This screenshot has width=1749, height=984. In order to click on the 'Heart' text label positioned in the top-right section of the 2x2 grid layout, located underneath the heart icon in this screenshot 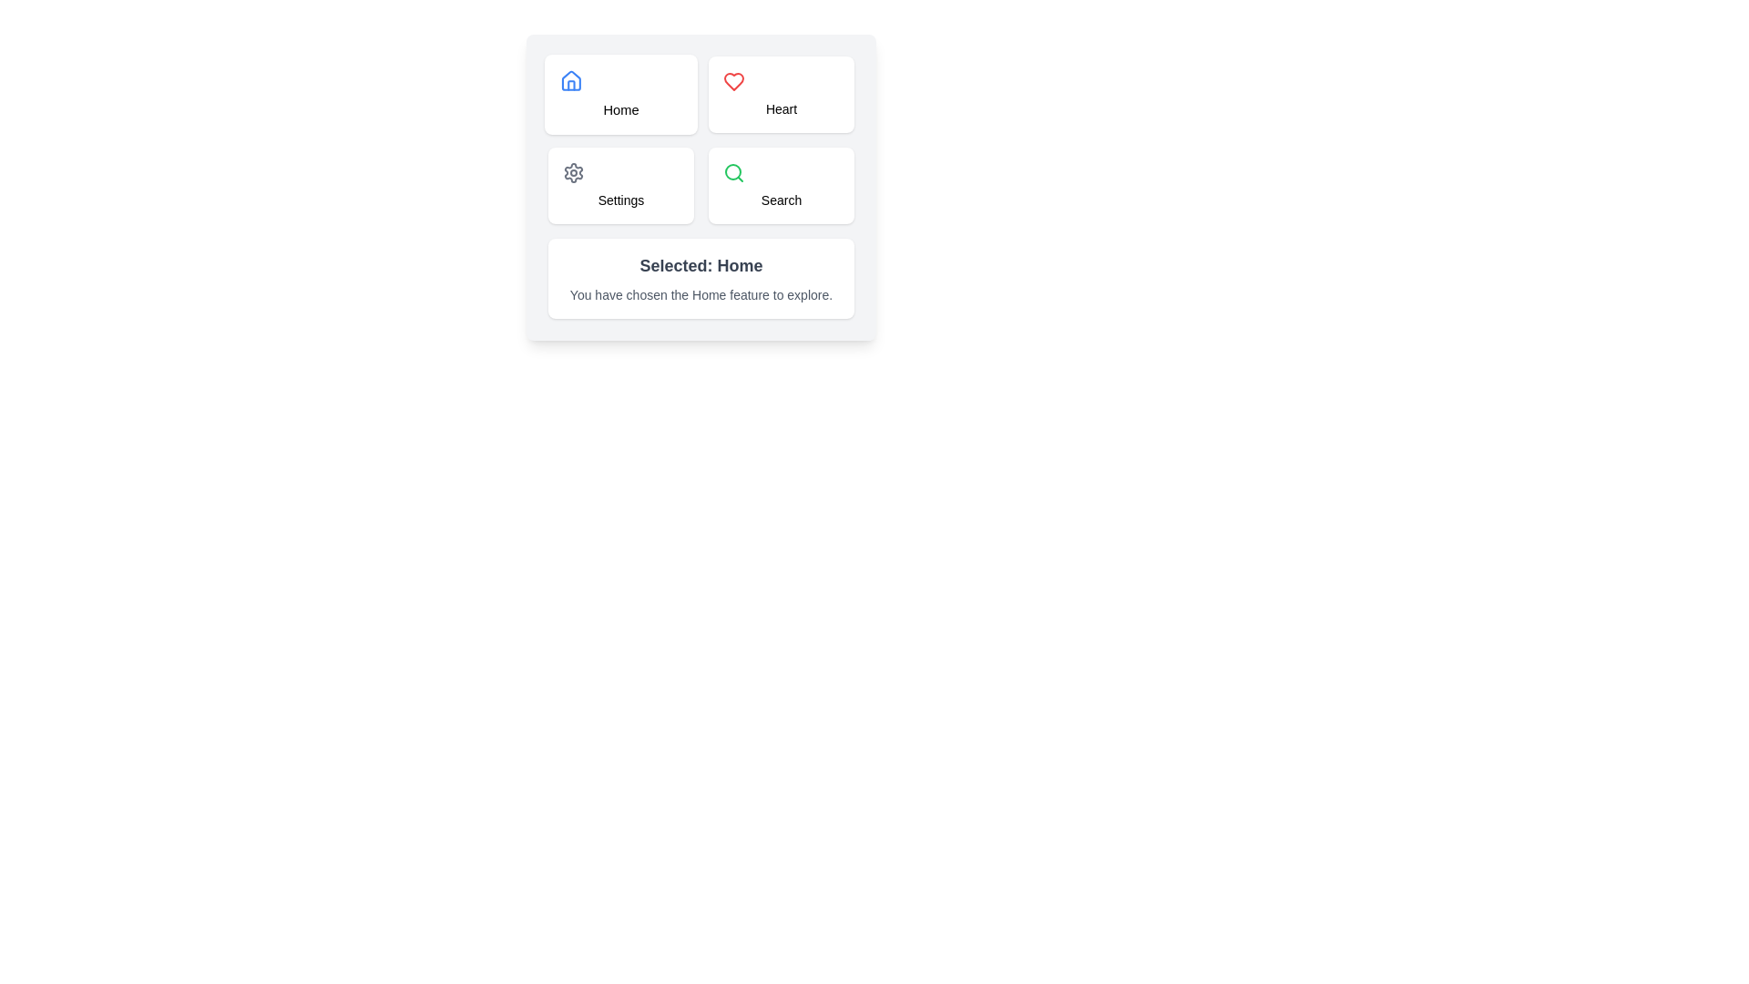, I will do `click(782, 108)`.